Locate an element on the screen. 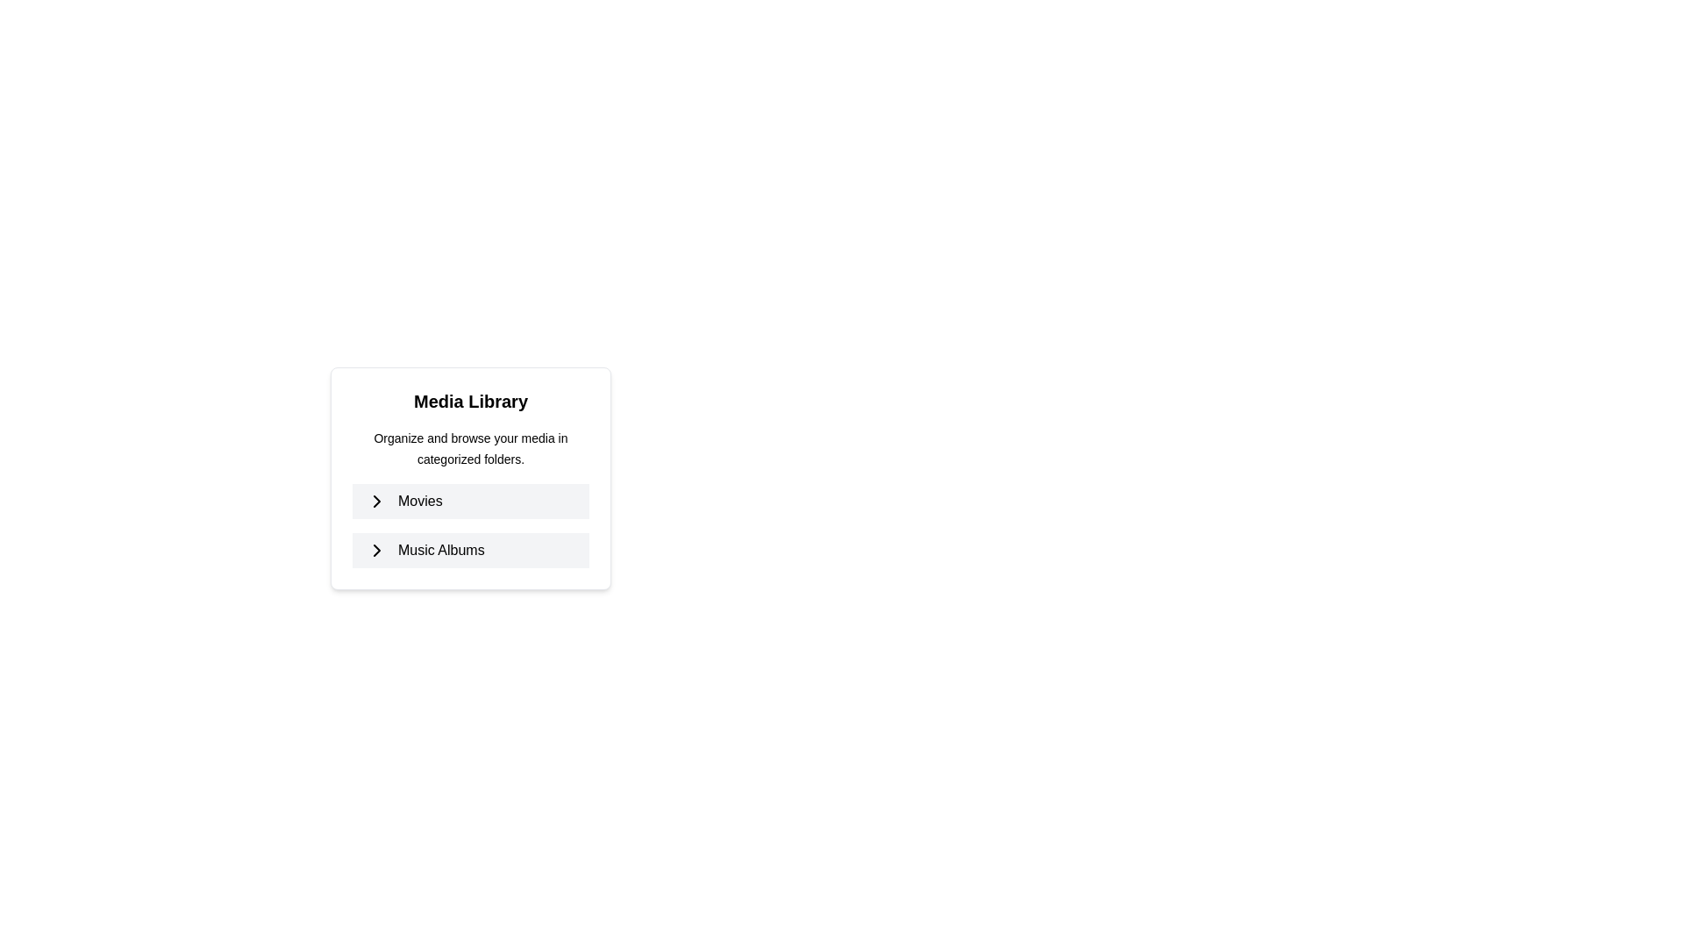 The image size is (1684, 947). the 'Movies' text label located within the light gray rectangular area in the Media Library section is located at coordinates (403, 501).